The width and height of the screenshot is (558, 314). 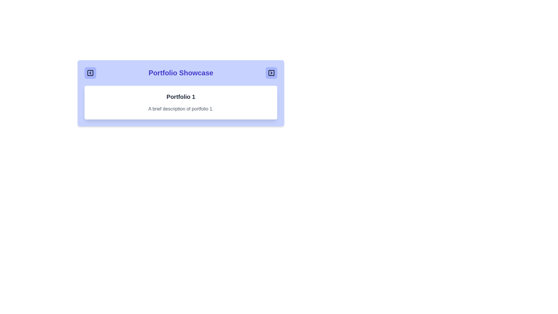 I want to click on the leftmost button in the header component of the Portfolio Showcase interface to receive keyboard interaction, so click(x=90, y=72).